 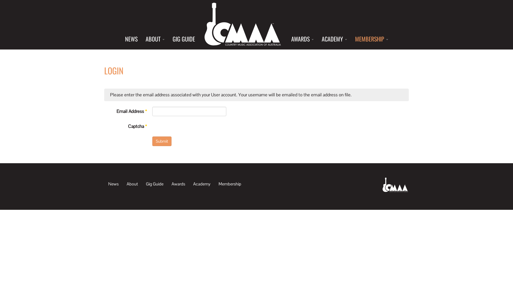 I want to click on 'Membership', so click(x=230, y=183).